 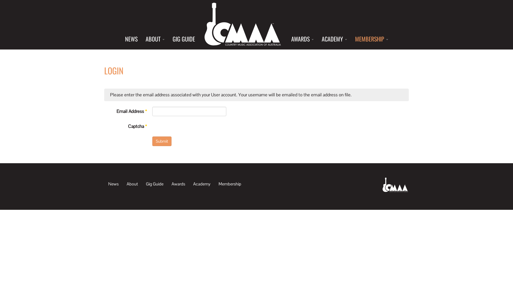 I want to click on 'Membership', so click(x=230, y=183).